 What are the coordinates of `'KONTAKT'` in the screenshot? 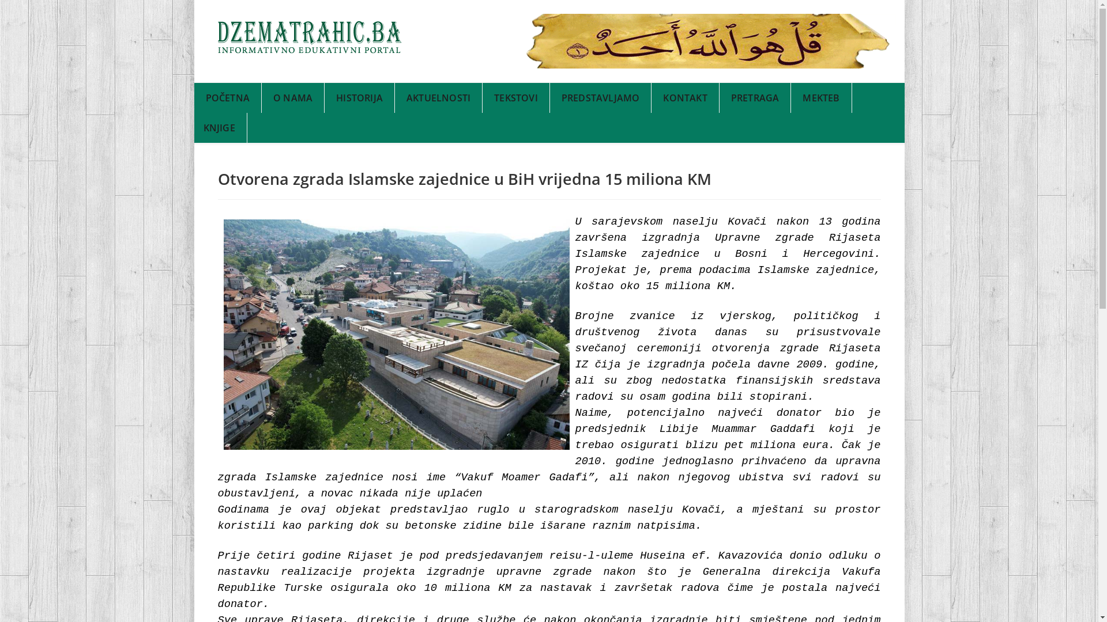 It's located at (651, 97).